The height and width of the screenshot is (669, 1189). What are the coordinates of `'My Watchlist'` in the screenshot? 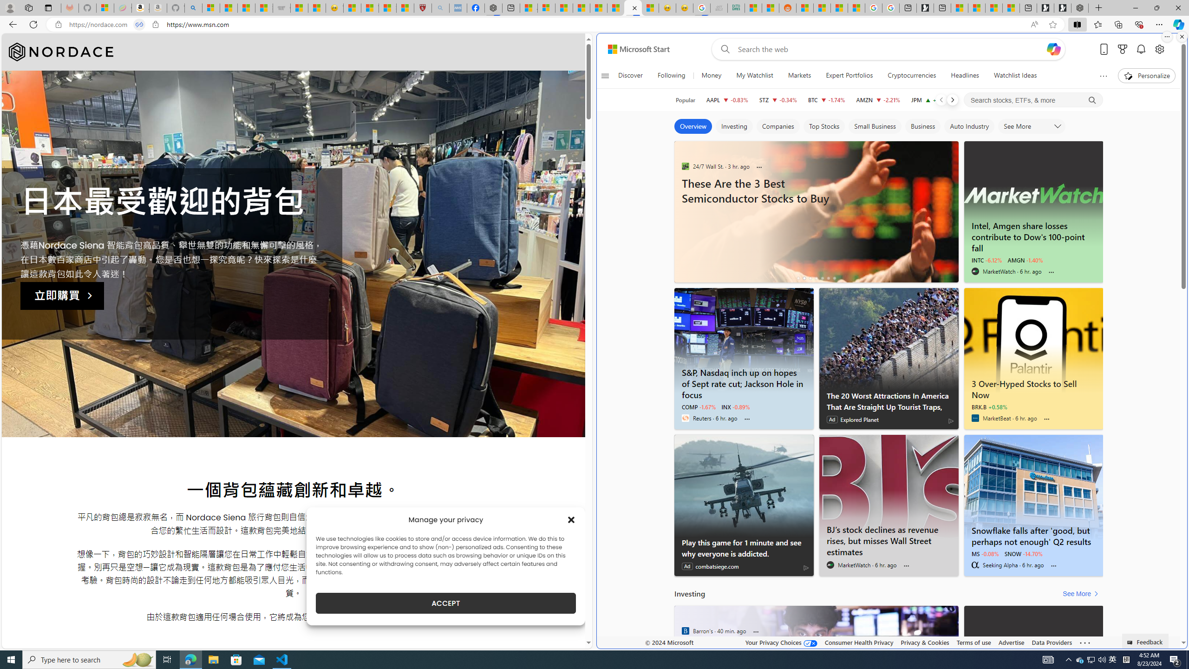 It's located at (755, 75).